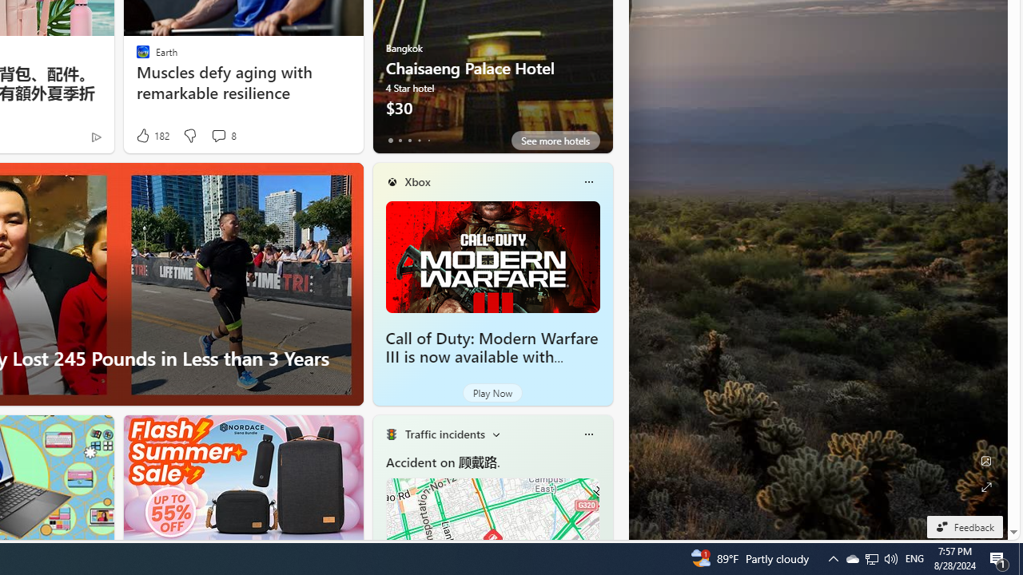 This screenshot has width=1023, height=575. Describe the element at coordinates (587, 434) in the screenshot. I see `'Class: icon-img'` at that location.